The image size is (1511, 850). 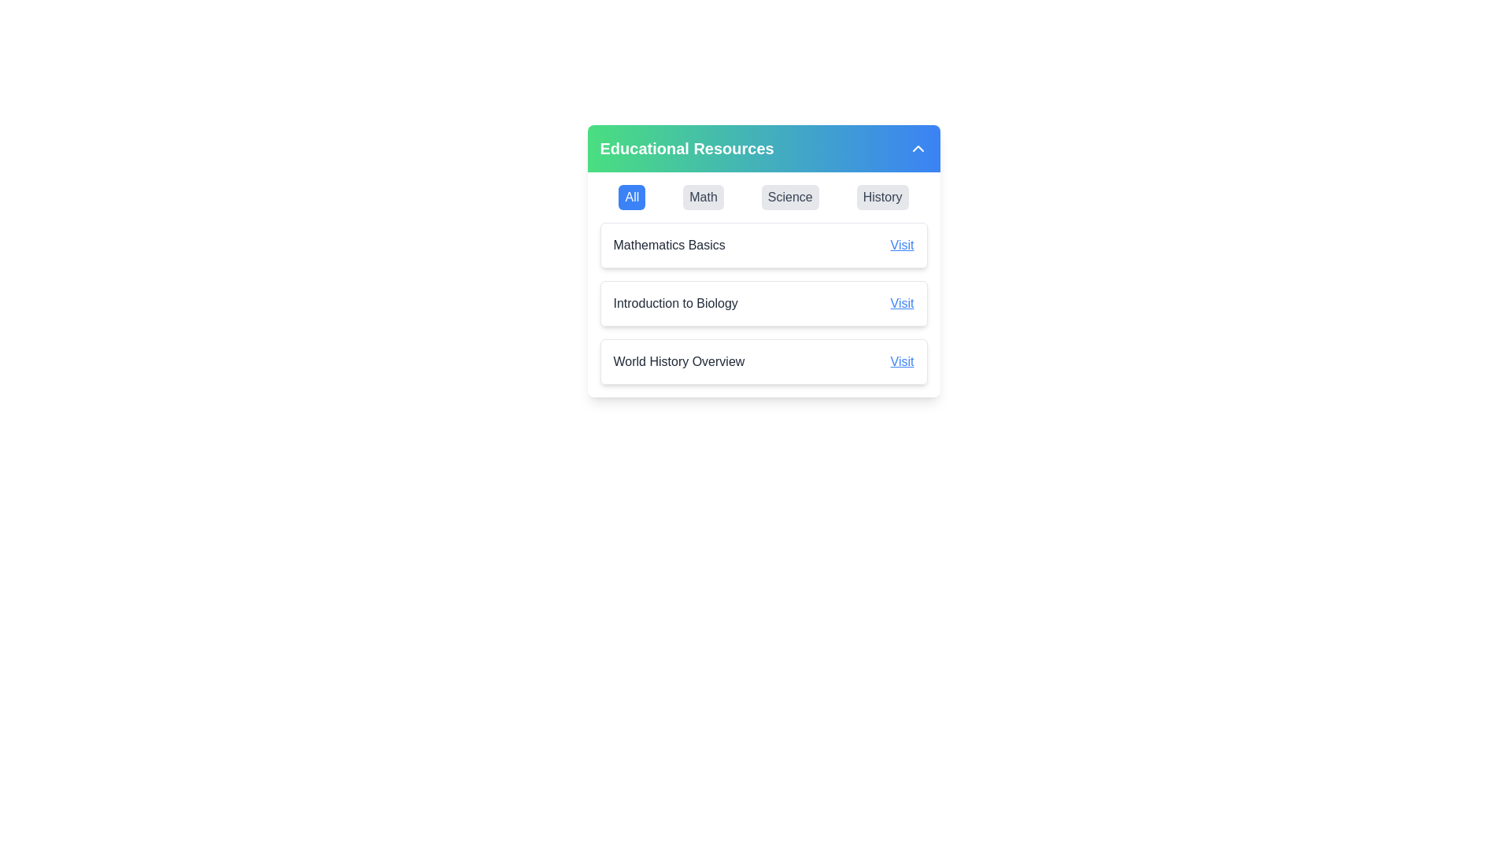 I want to click on static text label displaying 'Mathematics Basics' located in the first row of resources under 'Educational Resources', so click(x=669, y=246).